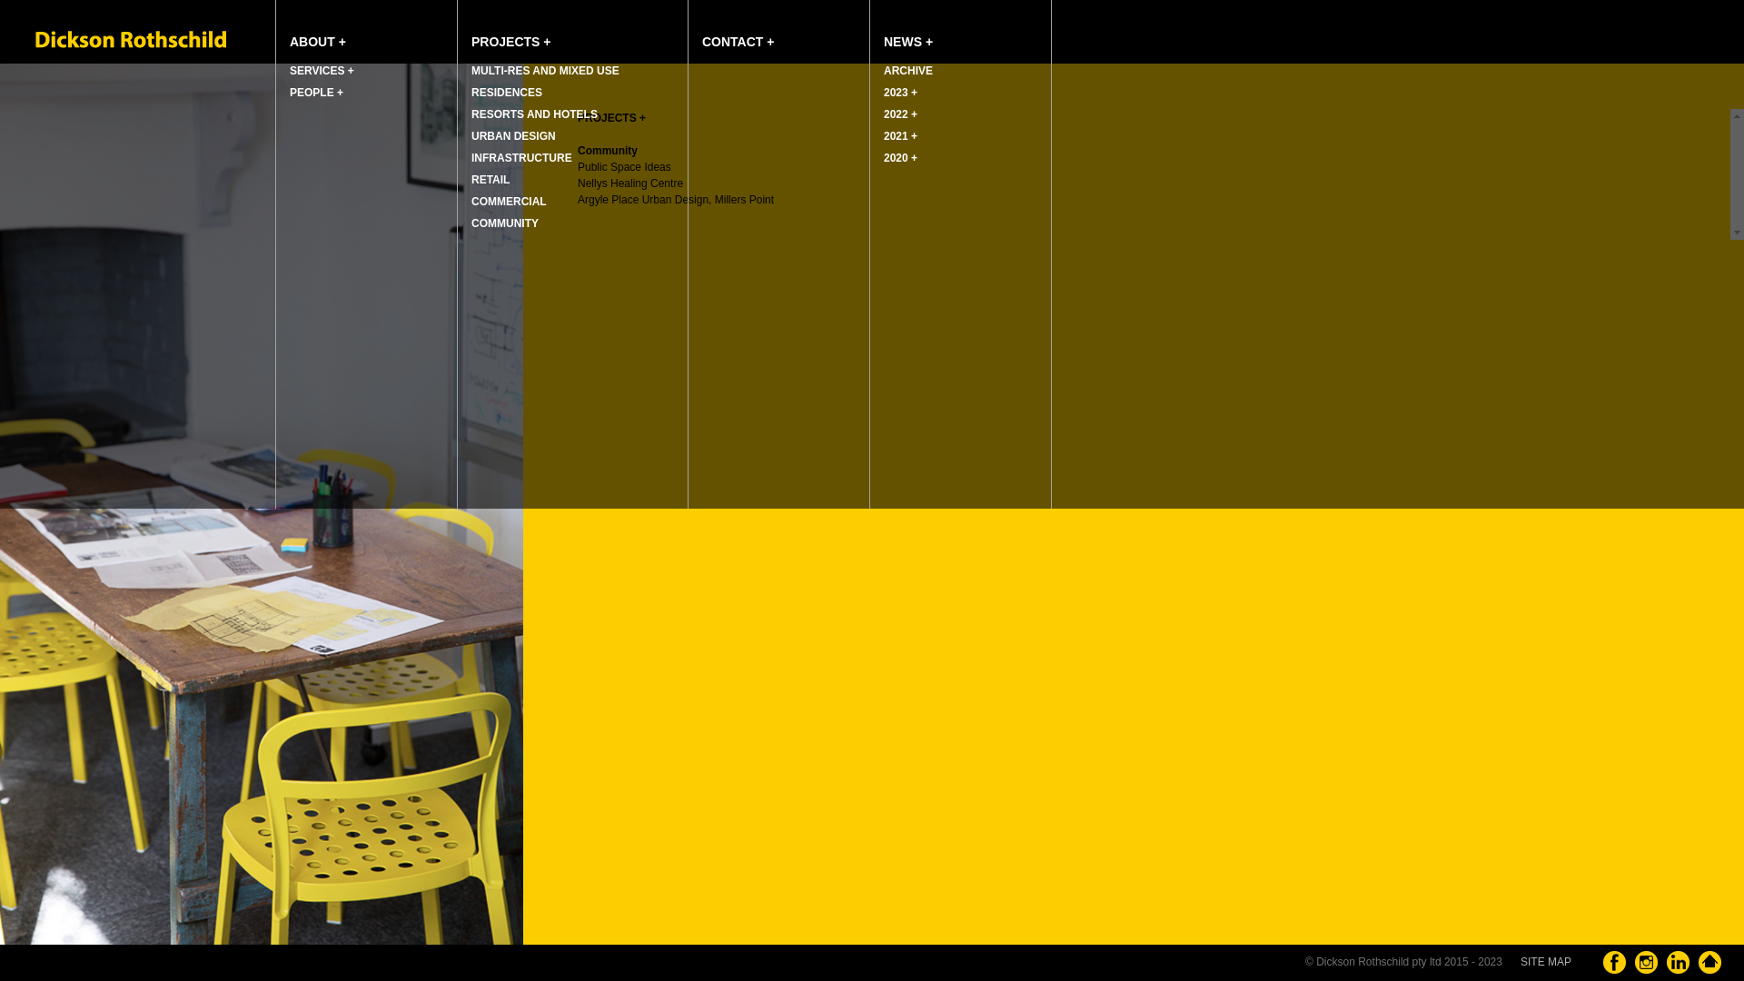 The height and width of the screenshot is (981, 1744). What do you see at coordinates (869, 69) in the screenshot?
I see `'ARCHIVE'` at bounding box center [869, 69].